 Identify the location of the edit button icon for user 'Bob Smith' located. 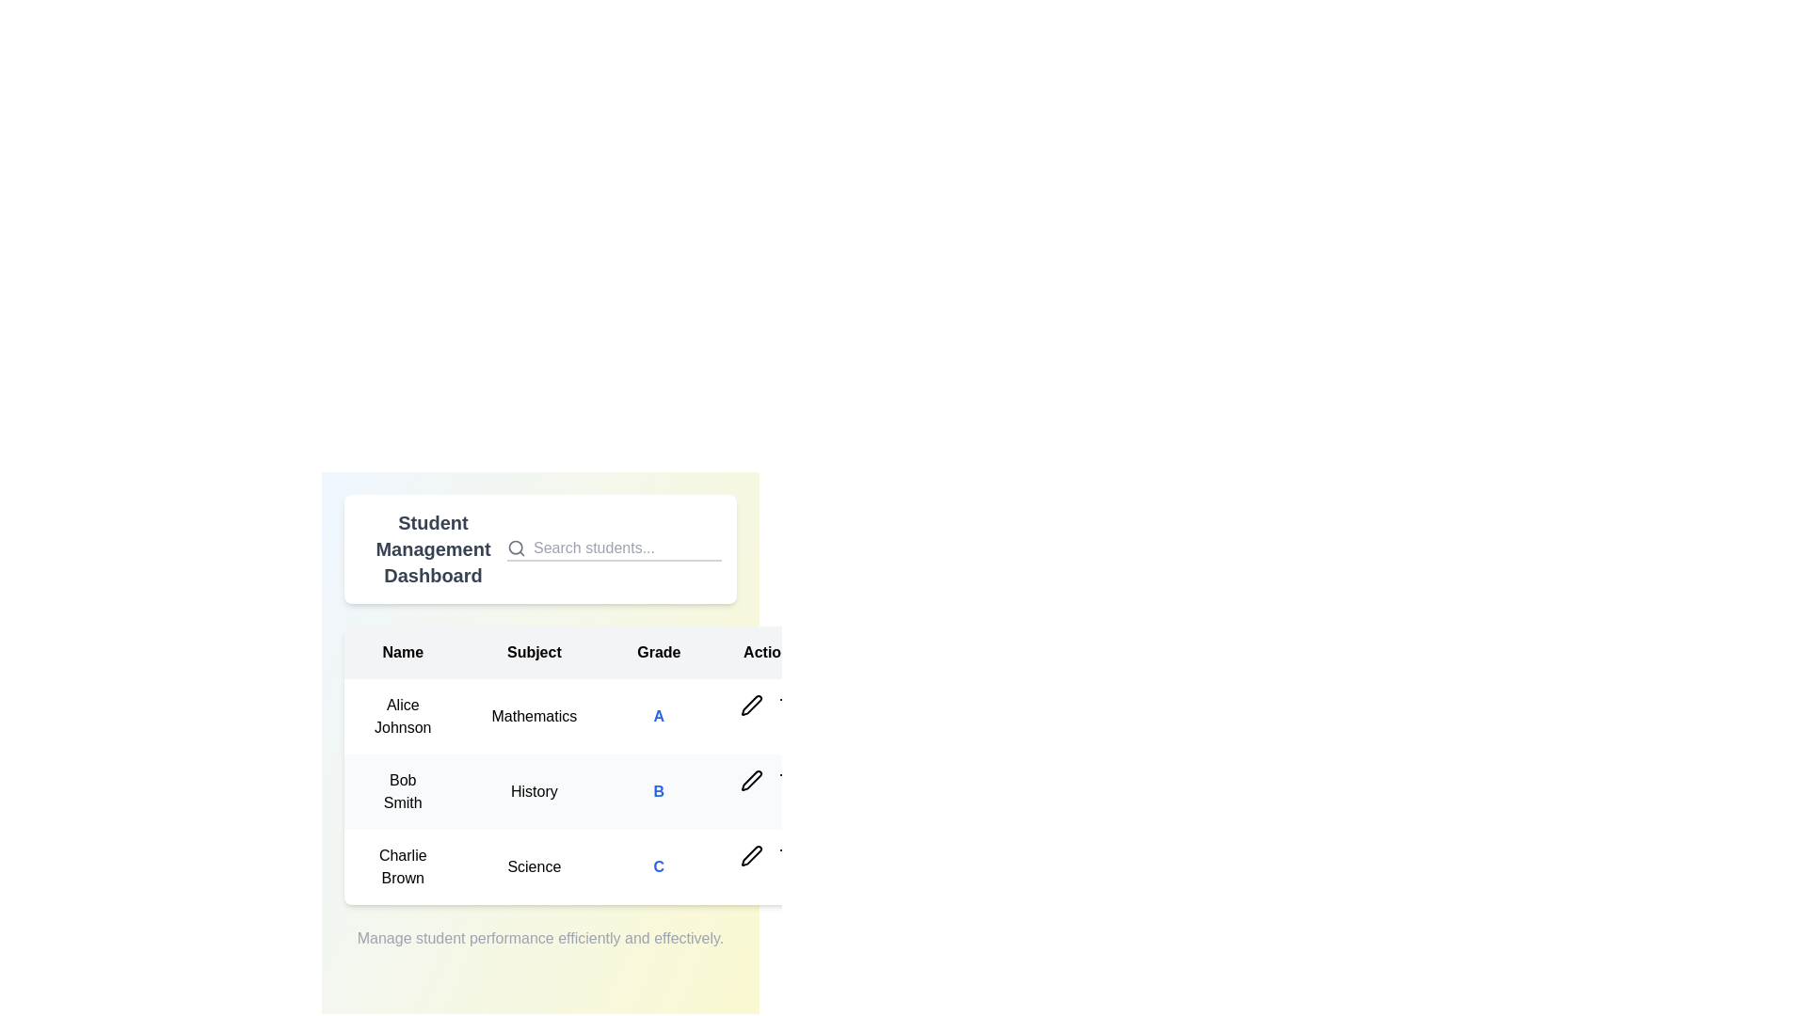
(751, 780).